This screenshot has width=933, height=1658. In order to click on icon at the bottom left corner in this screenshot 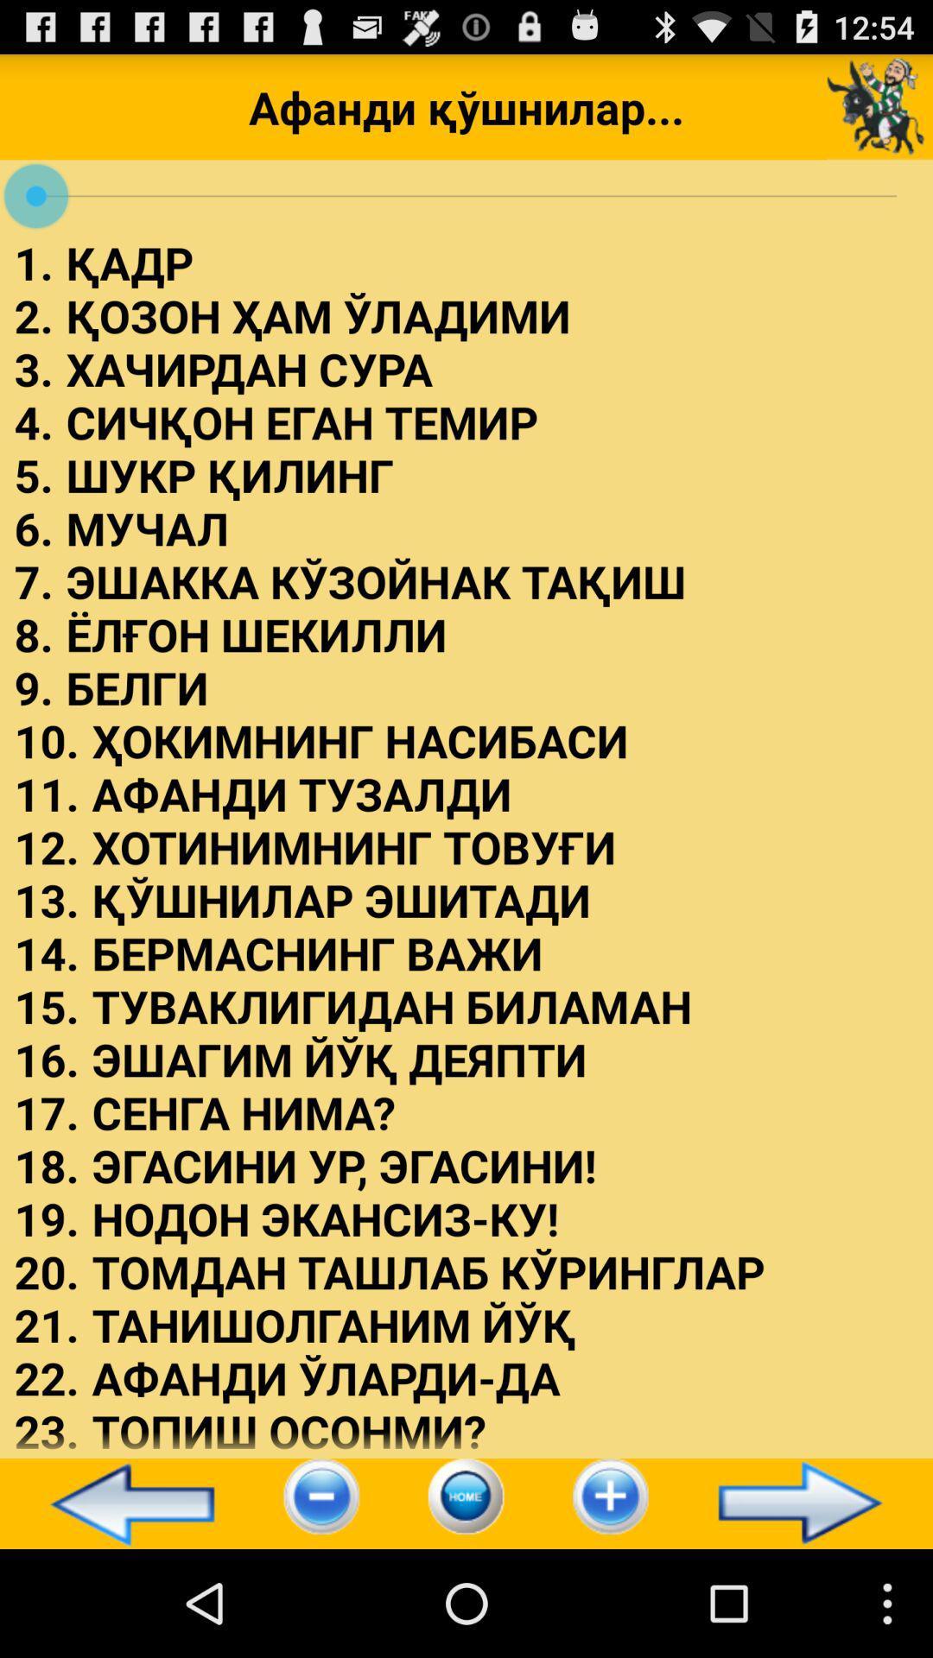, I will do `click(124, 1503)`.